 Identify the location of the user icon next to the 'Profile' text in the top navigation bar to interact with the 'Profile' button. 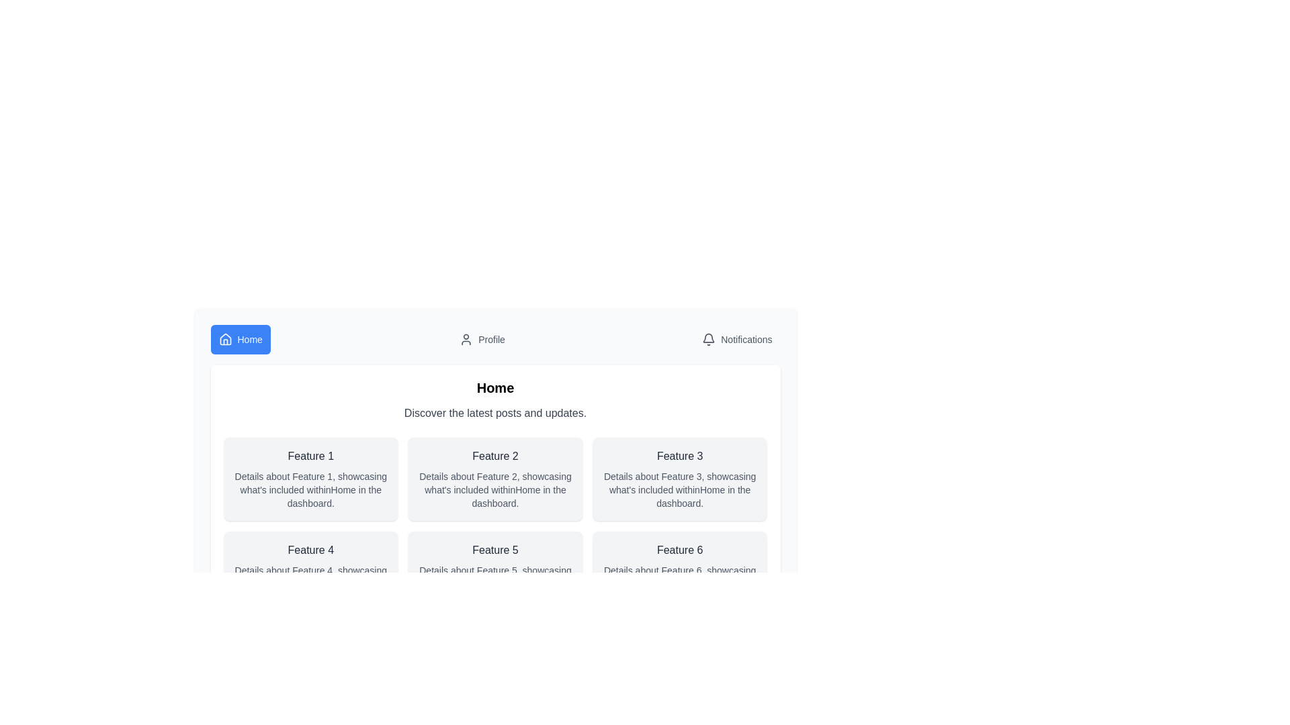
(466, 338).